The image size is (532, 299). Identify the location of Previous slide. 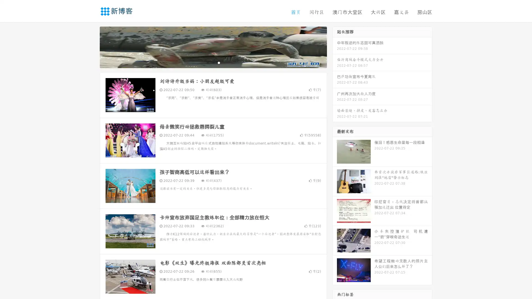
(91, 47).